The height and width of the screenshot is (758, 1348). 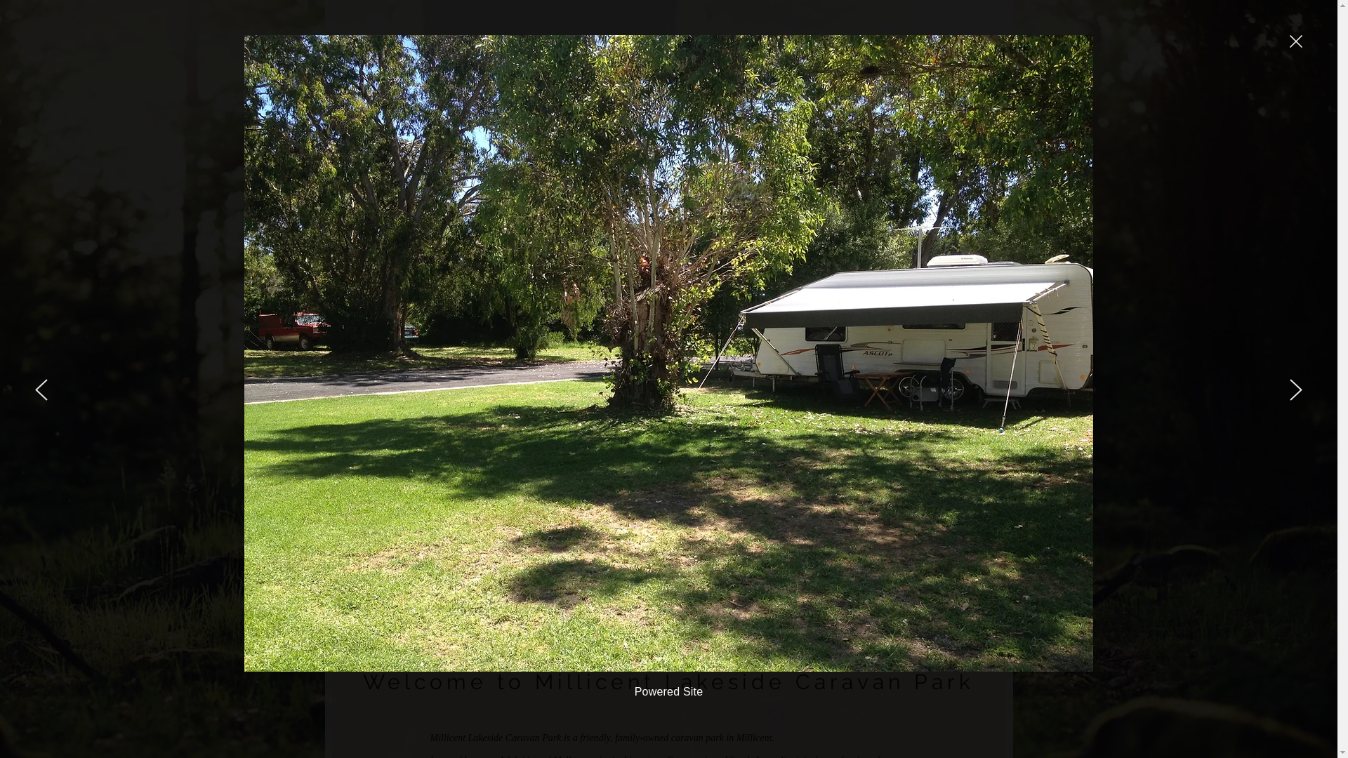 What do you see at coordinates (430, 91) in the screenshot?
I see `'Logo Clear Raleway.png'` at bounding box center [430, 91].